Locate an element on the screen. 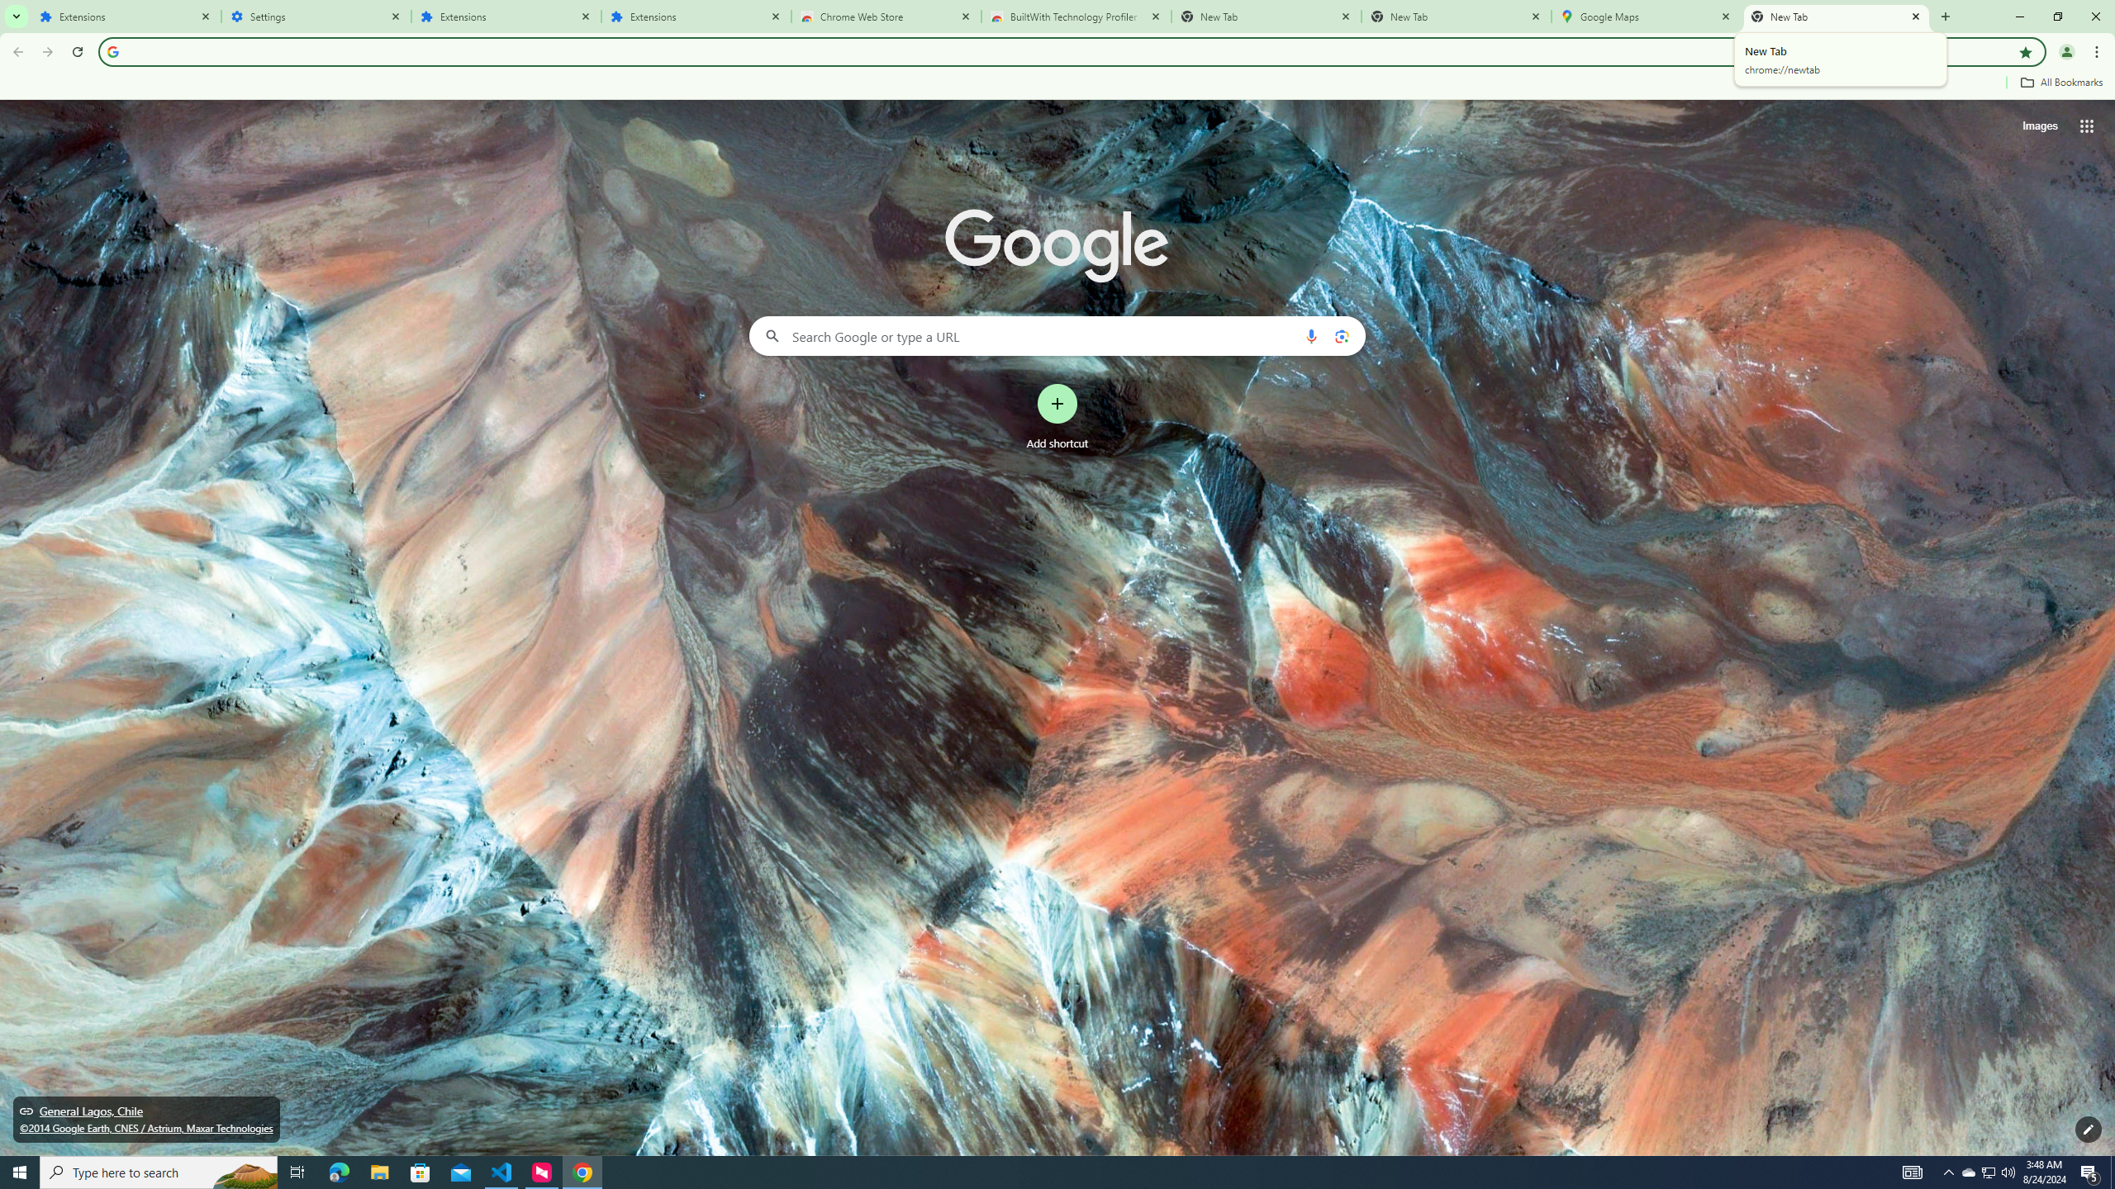 The height and width of the screenshot is (1189, 2115). 'Settings' is located at coordinates (316, 16).